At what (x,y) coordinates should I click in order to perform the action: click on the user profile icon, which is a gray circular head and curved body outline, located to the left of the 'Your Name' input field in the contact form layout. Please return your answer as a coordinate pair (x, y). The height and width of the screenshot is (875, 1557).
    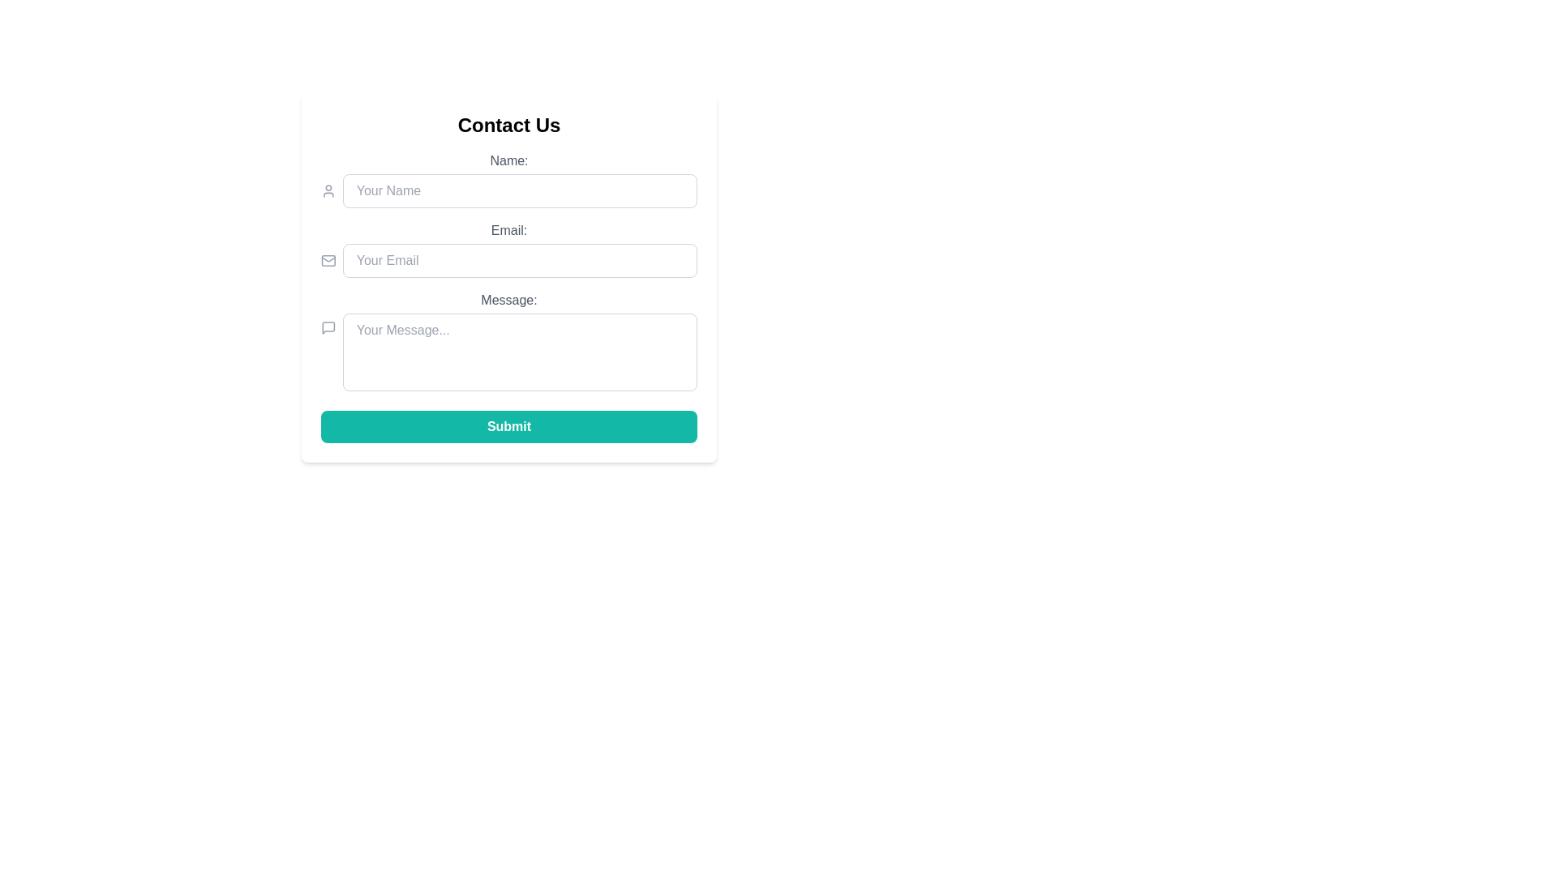
    Looking at the image, I should click on (328, 190).